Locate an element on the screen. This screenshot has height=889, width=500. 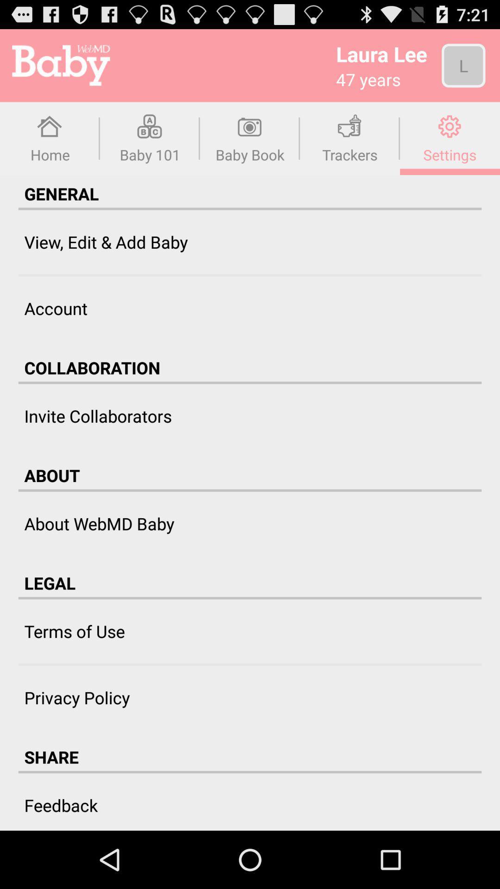
the icon above privacy policy item is located at coordinates (250, 664).